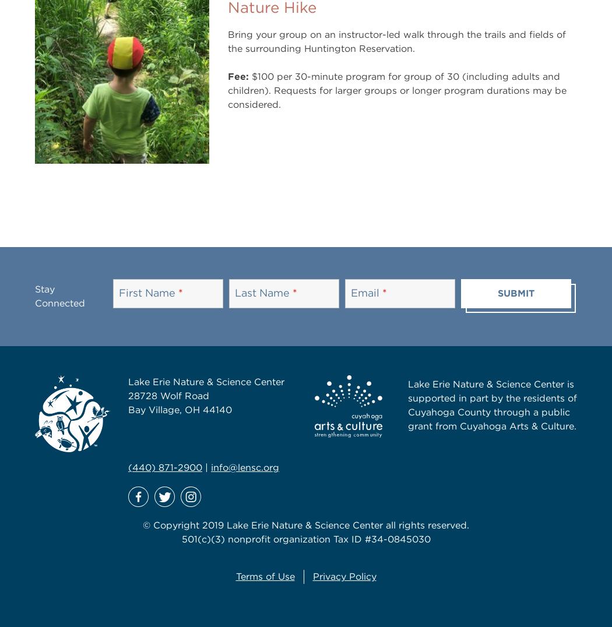 The width and height of the screenshot is (612, 627). What do you see at coordinates (205, 467) in the screenshot?
I see `'|'` at bounding box center [205, 467].